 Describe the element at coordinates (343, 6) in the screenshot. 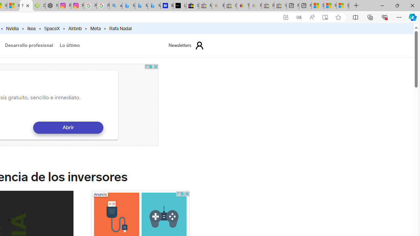

I see `'Sign in to your Microsoft account'` at that location.